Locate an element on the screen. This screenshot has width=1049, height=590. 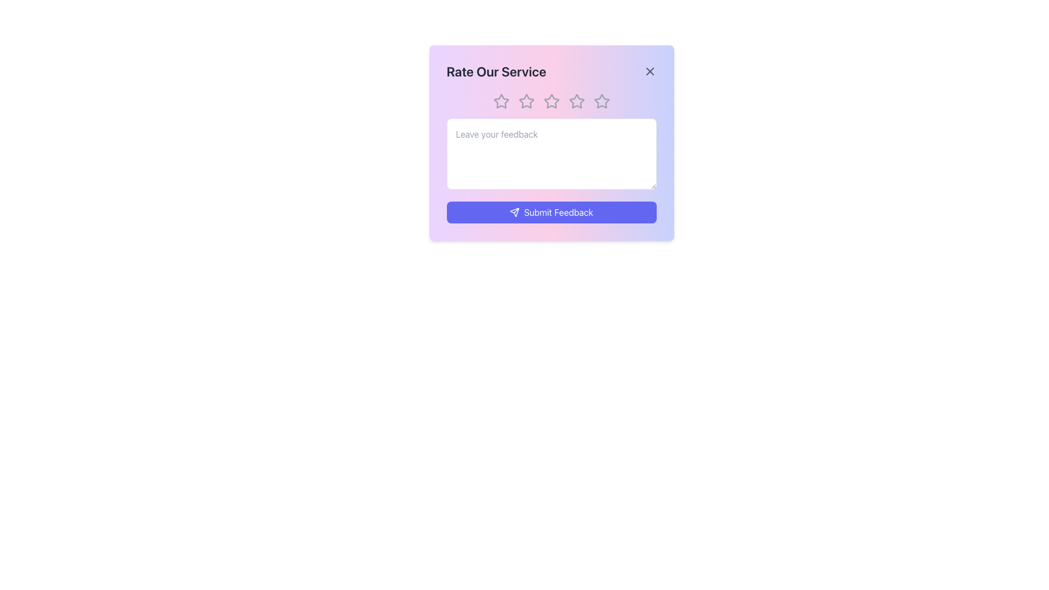
the feedback submission button located below the text input field in the feedback form is located at coordinates (551, 213).